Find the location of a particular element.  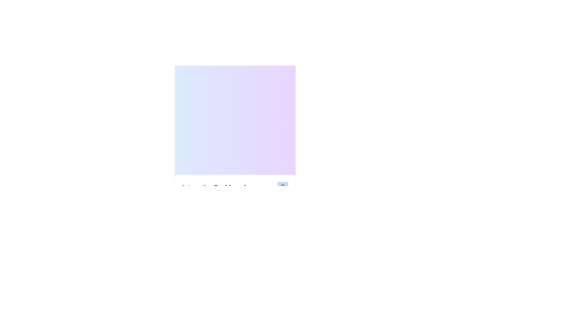

the rounded rectangular button located at the bottom right corner of the visible area, which contains a small circular information icon with a blue border and white background is located at coordinates (282, 187).